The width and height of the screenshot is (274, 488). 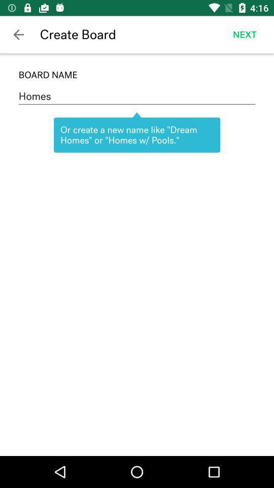 I want to click on the board name, so click(x=137, y=74).